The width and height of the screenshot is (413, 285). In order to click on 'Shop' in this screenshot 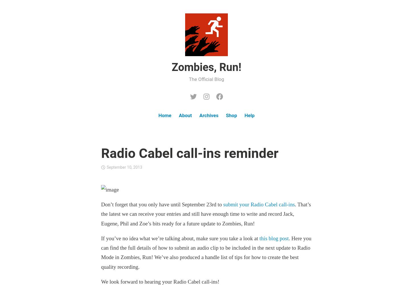, I will do `click(226, 115)`.